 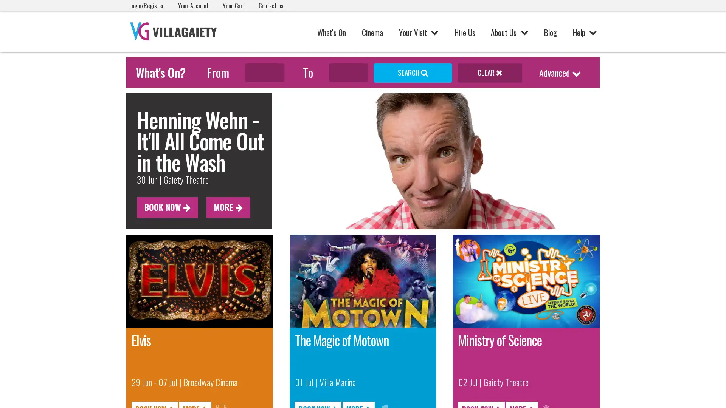 I want to click on SEARCH, so click(x=412, y=73).